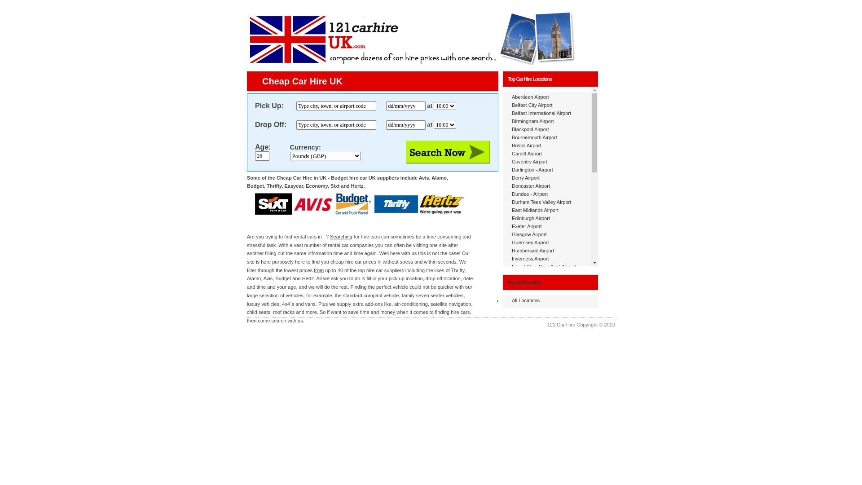 Image resolution: width=862 pixels, height=485 pixels. I want to click on 'Doncaster Airport', so click(512, 185).